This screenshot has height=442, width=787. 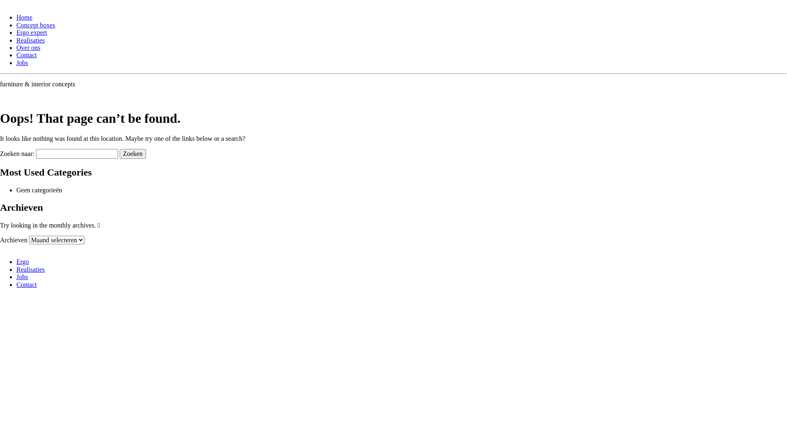 I want to click on 'Realisaties', so click(x=30, y=269).